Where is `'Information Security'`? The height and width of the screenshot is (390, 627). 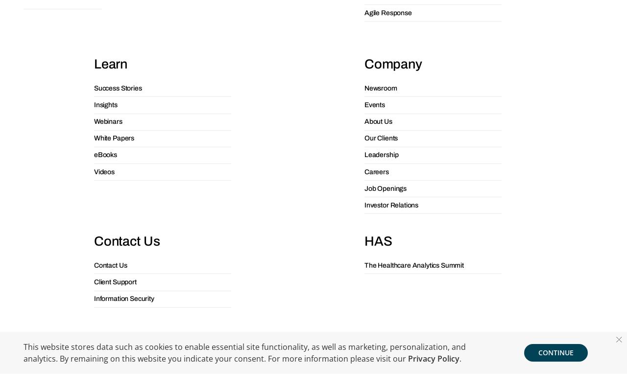 'Information Security' is located at coordinates (93, 123).